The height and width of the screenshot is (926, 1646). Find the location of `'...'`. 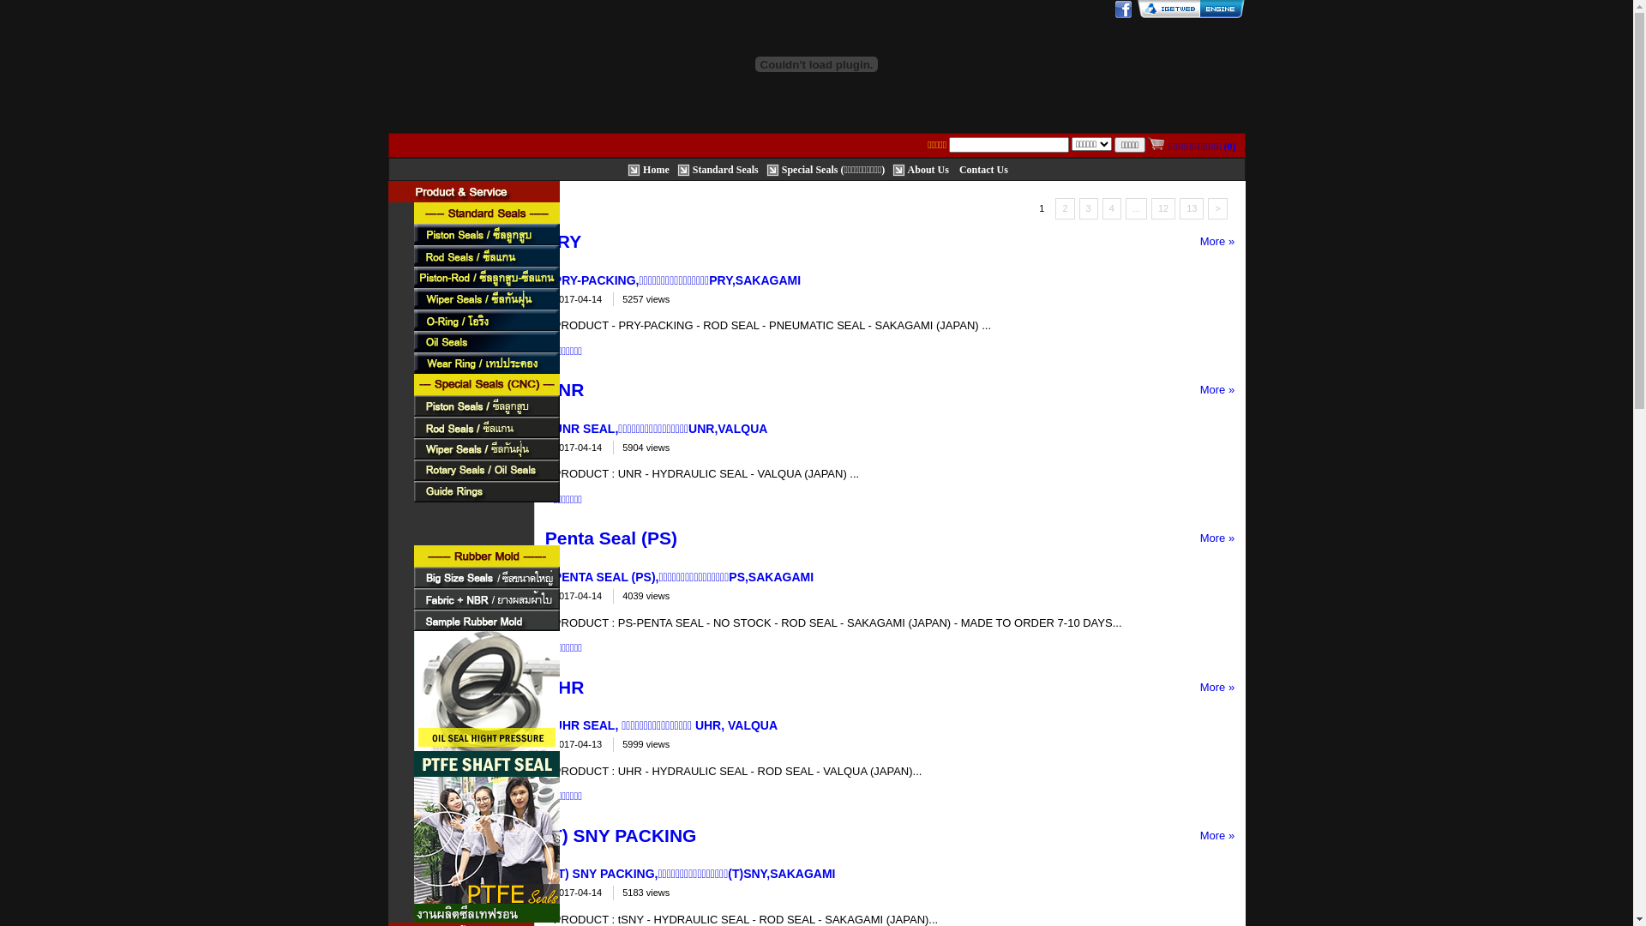

'...' is located at coordinates (1136, 207).